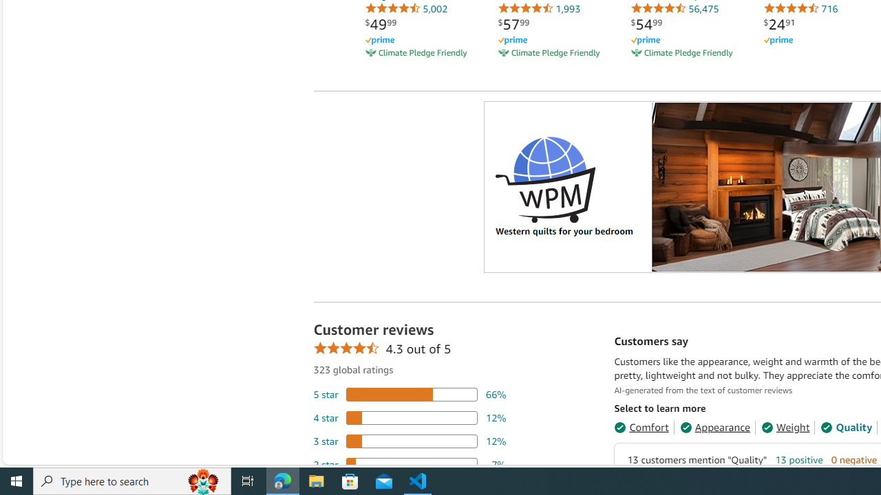 The width and height of the screenshot is (881, 495). Describe the element at coordinates (646, 24) in the screenshot. I see `'$54.99'` at that location.